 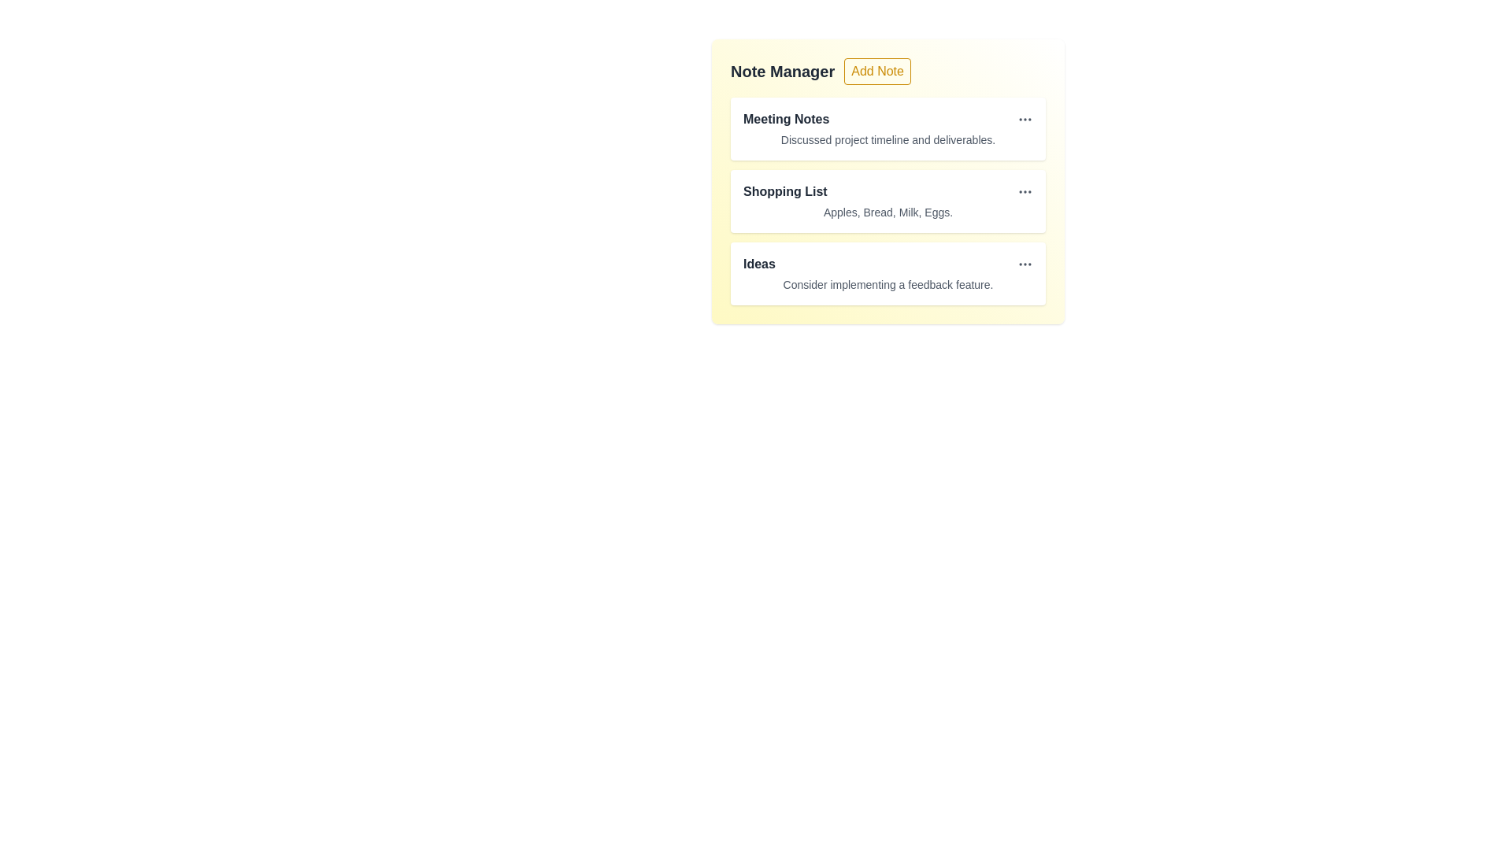 I want to click on the note item titled 'Shopping List' to observe hover effects, so click(x=888, y=200).